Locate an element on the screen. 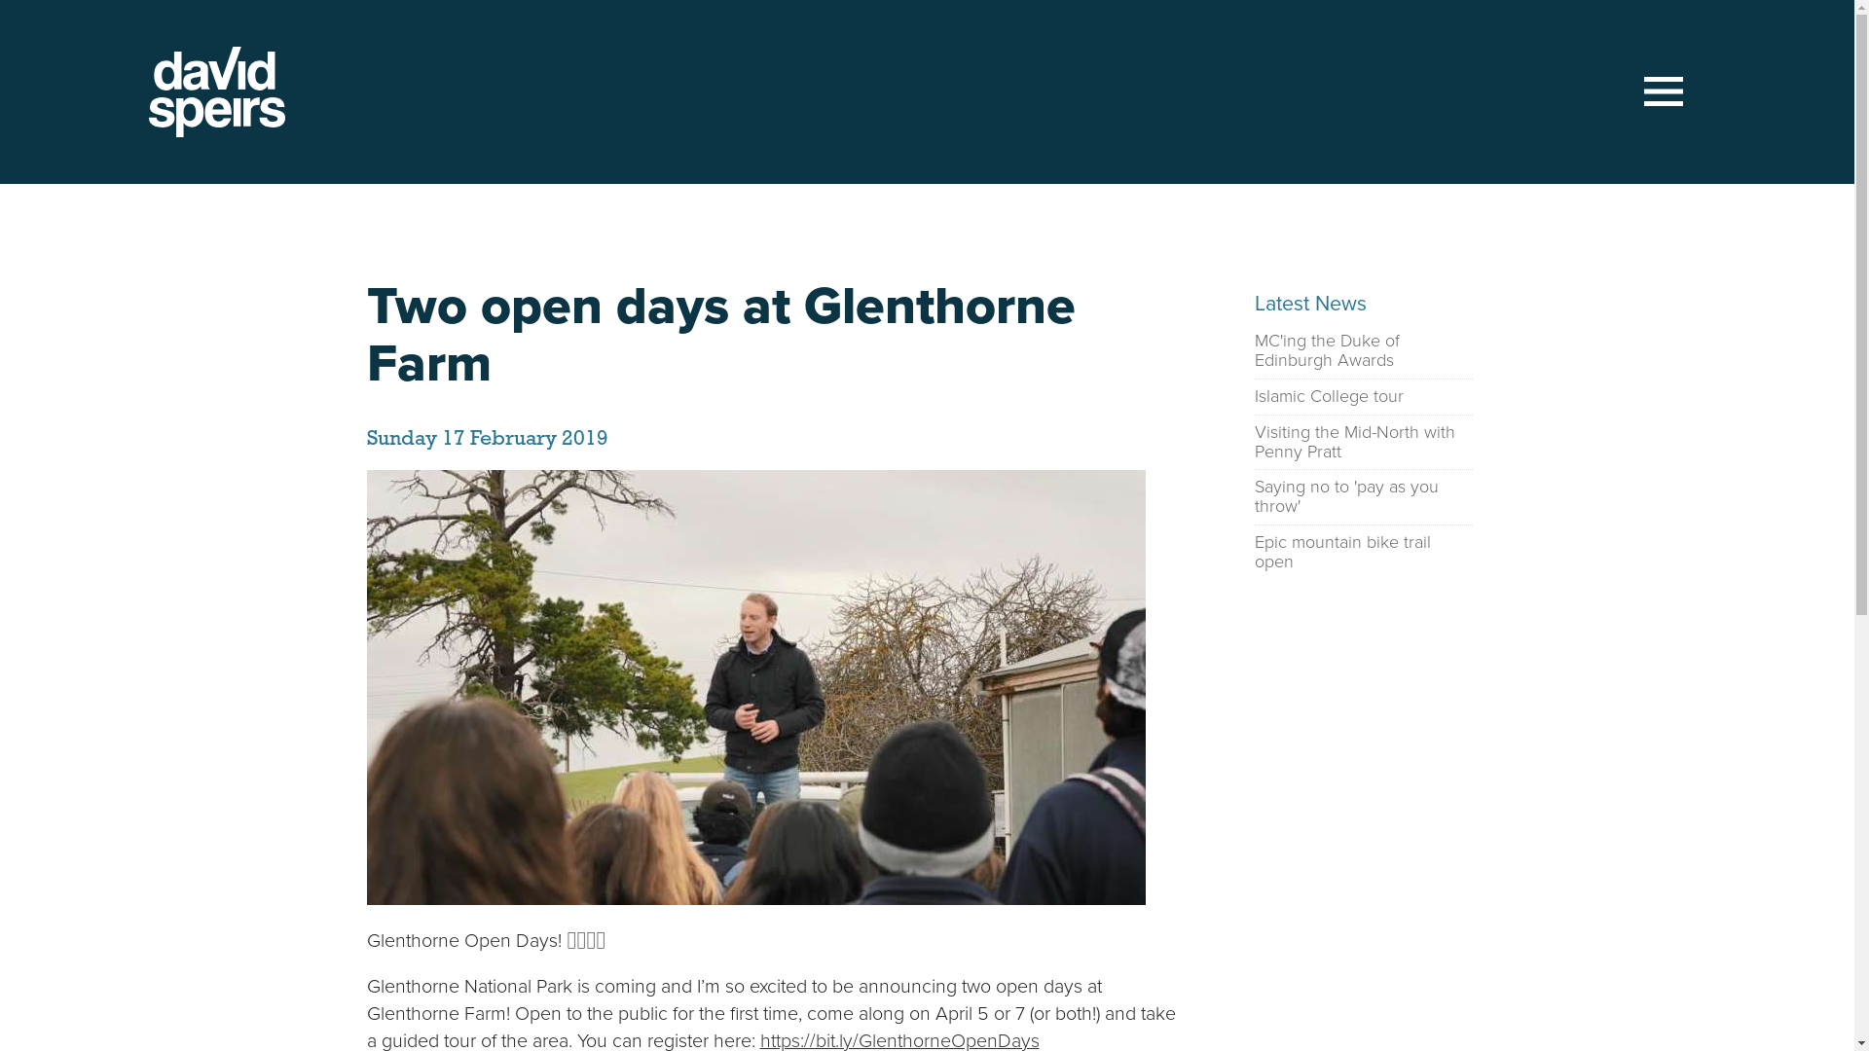  'Saying no to 'pay as you throw'' is located at coordinates (1253, 495).